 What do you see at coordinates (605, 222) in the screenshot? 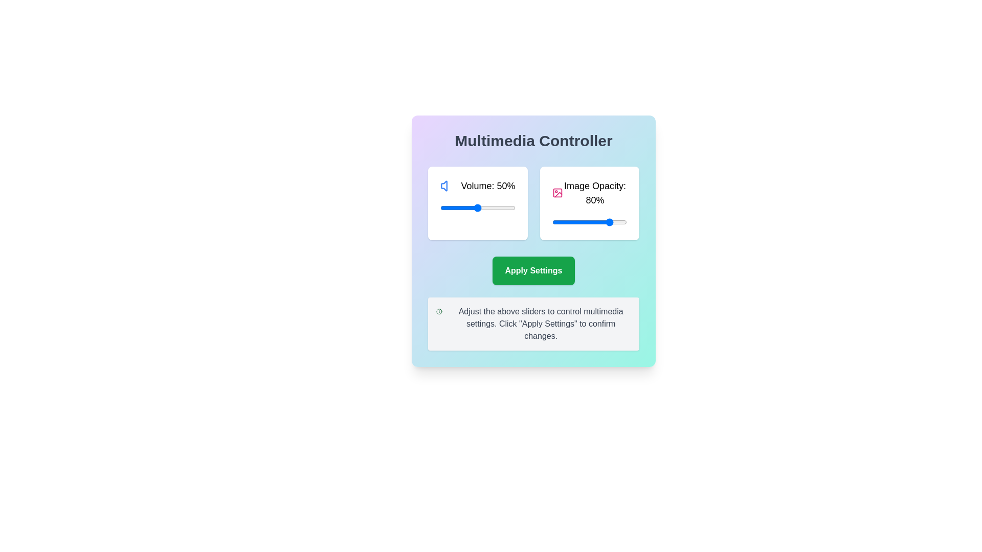
I see `the image opacity slider to set the transparency to 71%` at bounding box center [605, 222].